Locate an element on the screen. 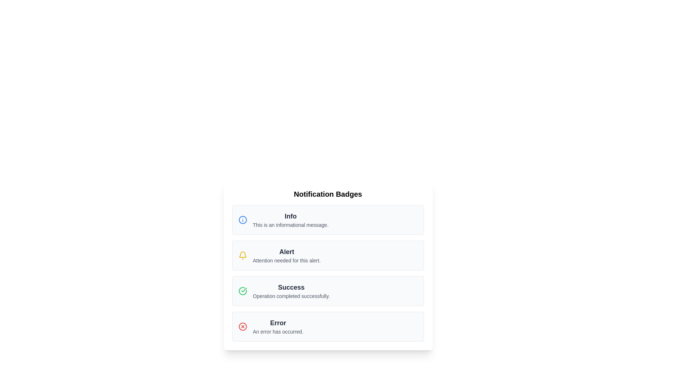 This screenshot has height=392, width=697. the success feedback text block located within the light gray notification box, which is the third notification in a vertical list of four, positioned between the 'Alert' and 'Error' notifications is located at coordinates (291, 291).